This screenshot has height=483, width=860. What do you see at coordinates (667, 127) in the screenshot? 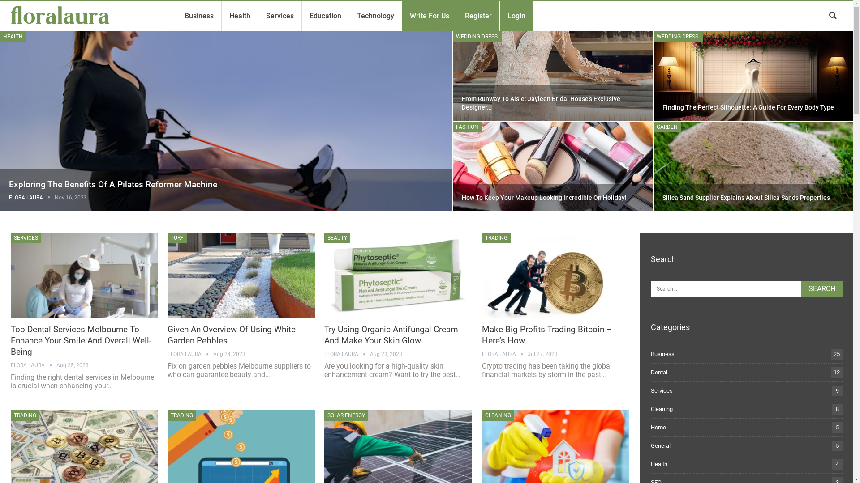
I see `'GARDEN'` at bounding box center [667, 127].